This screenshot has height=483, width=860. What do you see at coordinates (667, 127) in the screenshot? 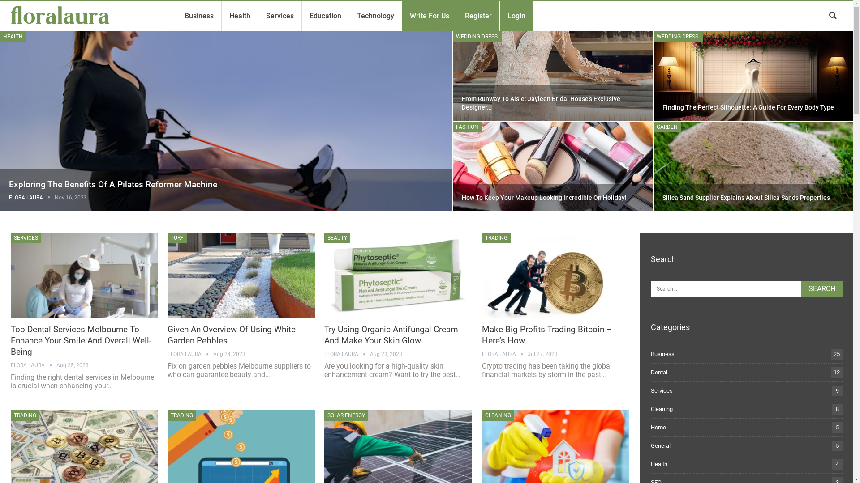
I see `'GARDEN'` at bounding box center [667, 127].